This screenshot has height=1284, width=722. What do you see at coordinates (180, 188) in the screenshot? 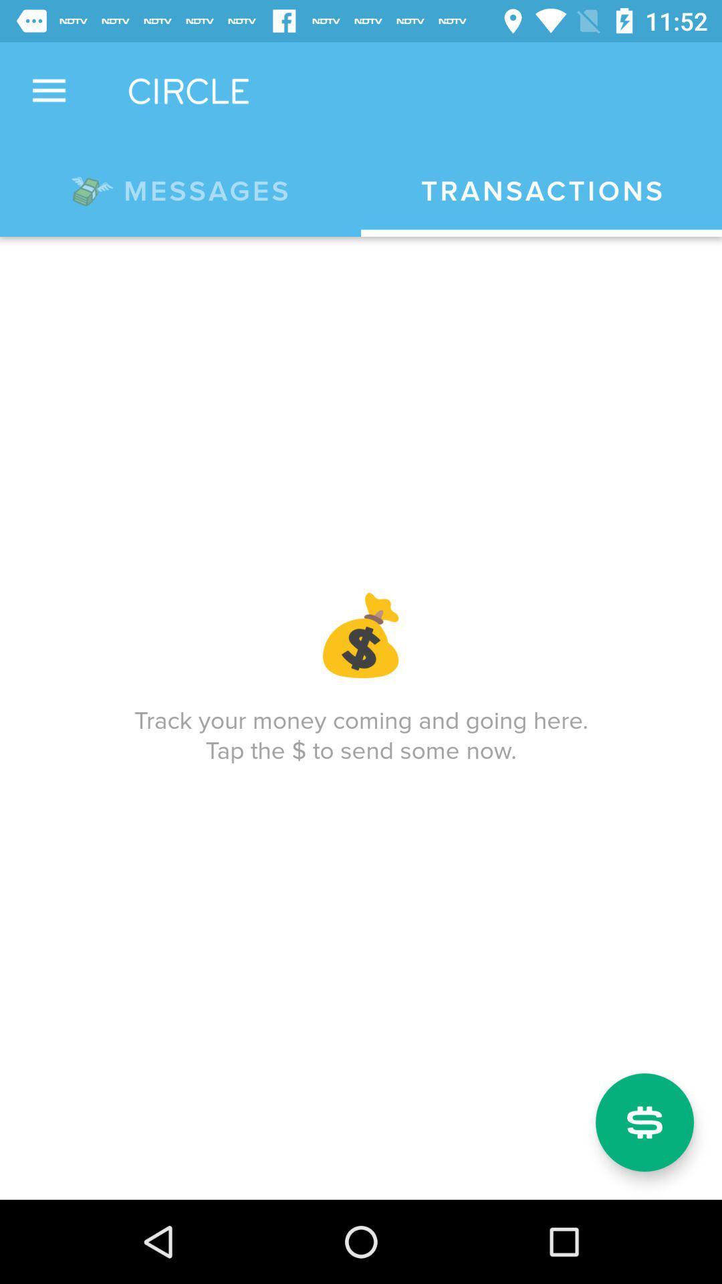
I see `the app next to the transactions icon` at bounding box center [180, 188].